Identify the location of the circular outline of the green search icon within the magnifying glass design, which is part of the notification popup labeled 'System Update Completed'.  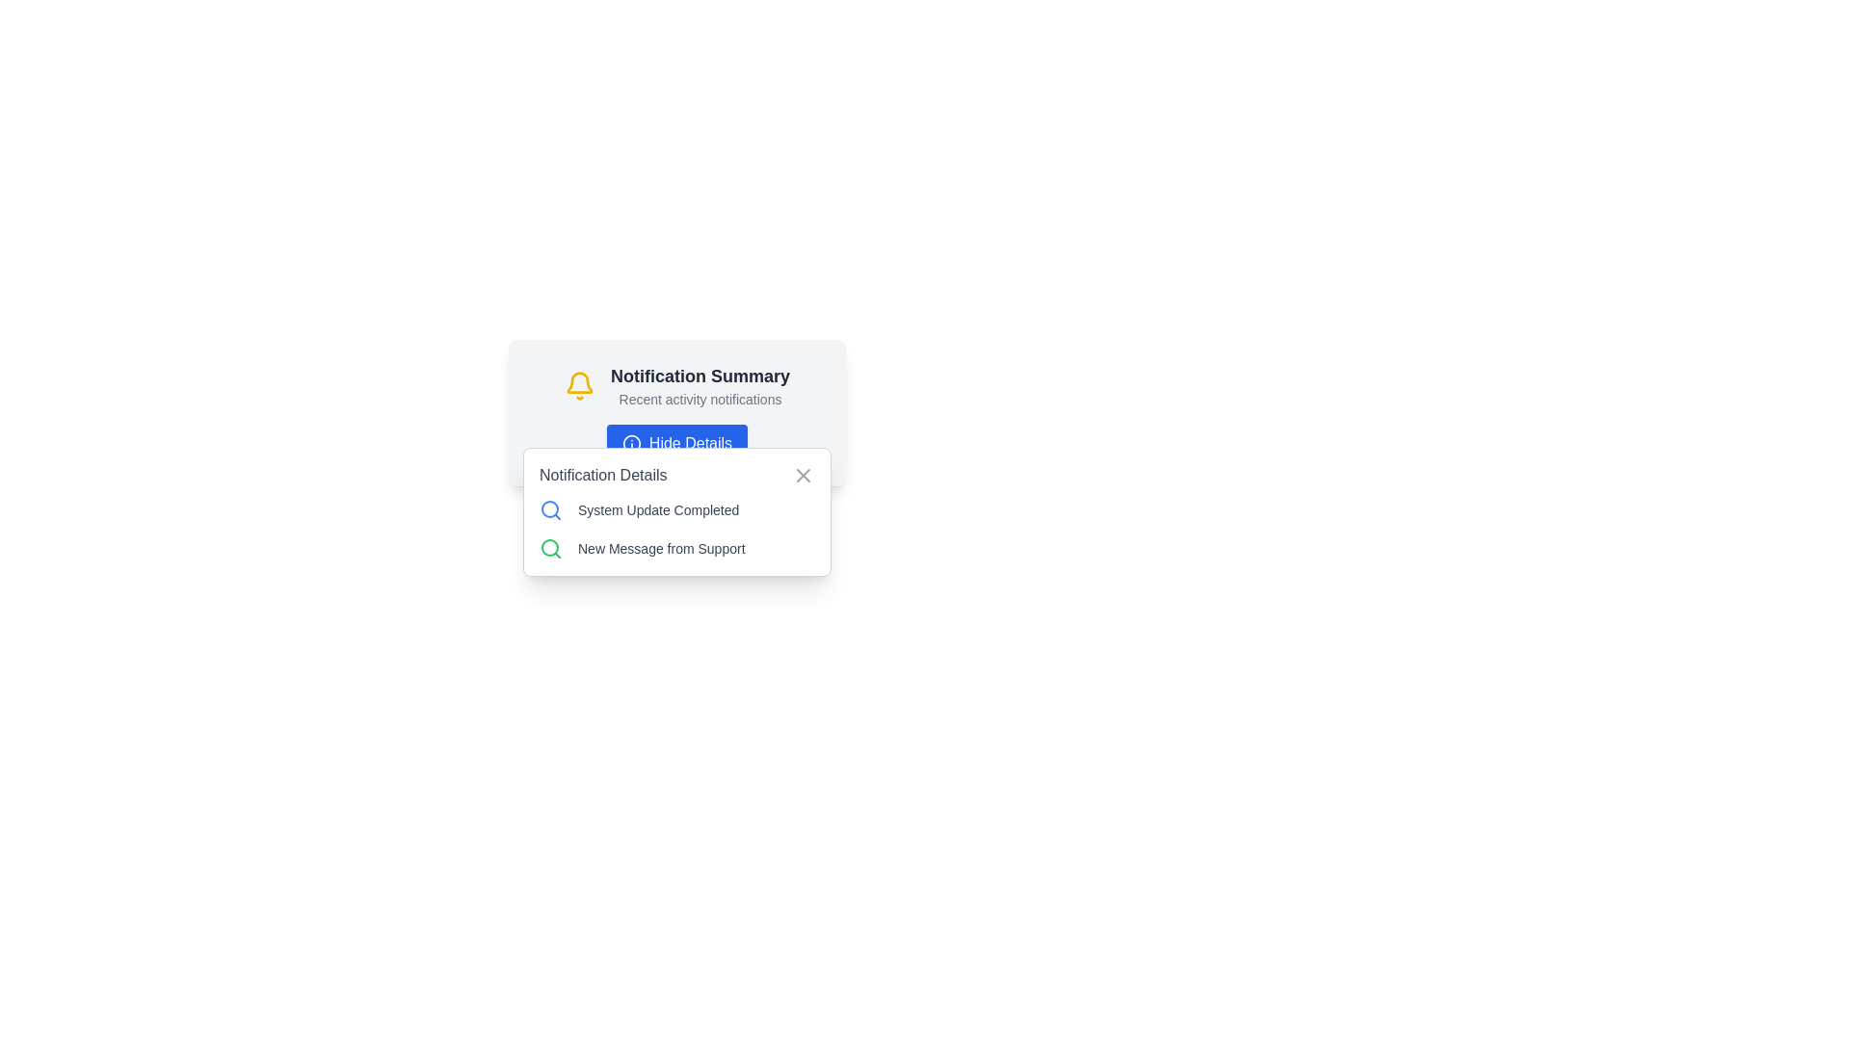
(549, 548).